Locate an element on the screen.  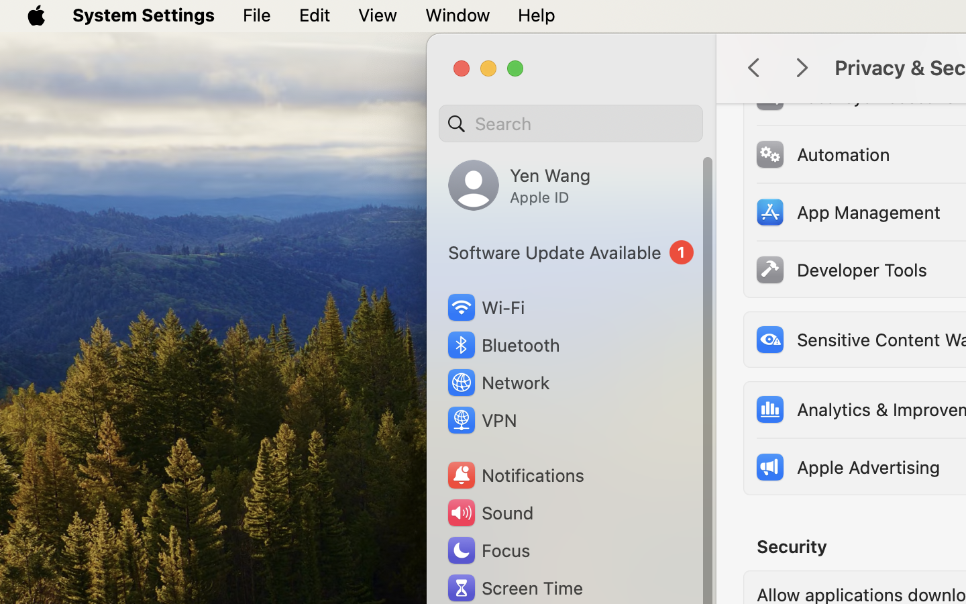
'Screen Time' is located at coordinates (513, 587).